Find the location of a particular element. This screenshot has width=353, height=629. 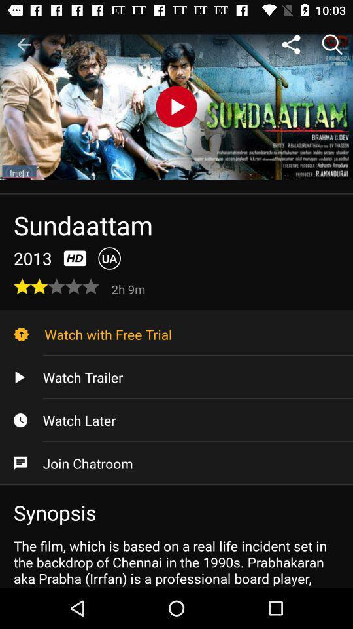

item below the watch later icon is located at coordinates (176, 463).